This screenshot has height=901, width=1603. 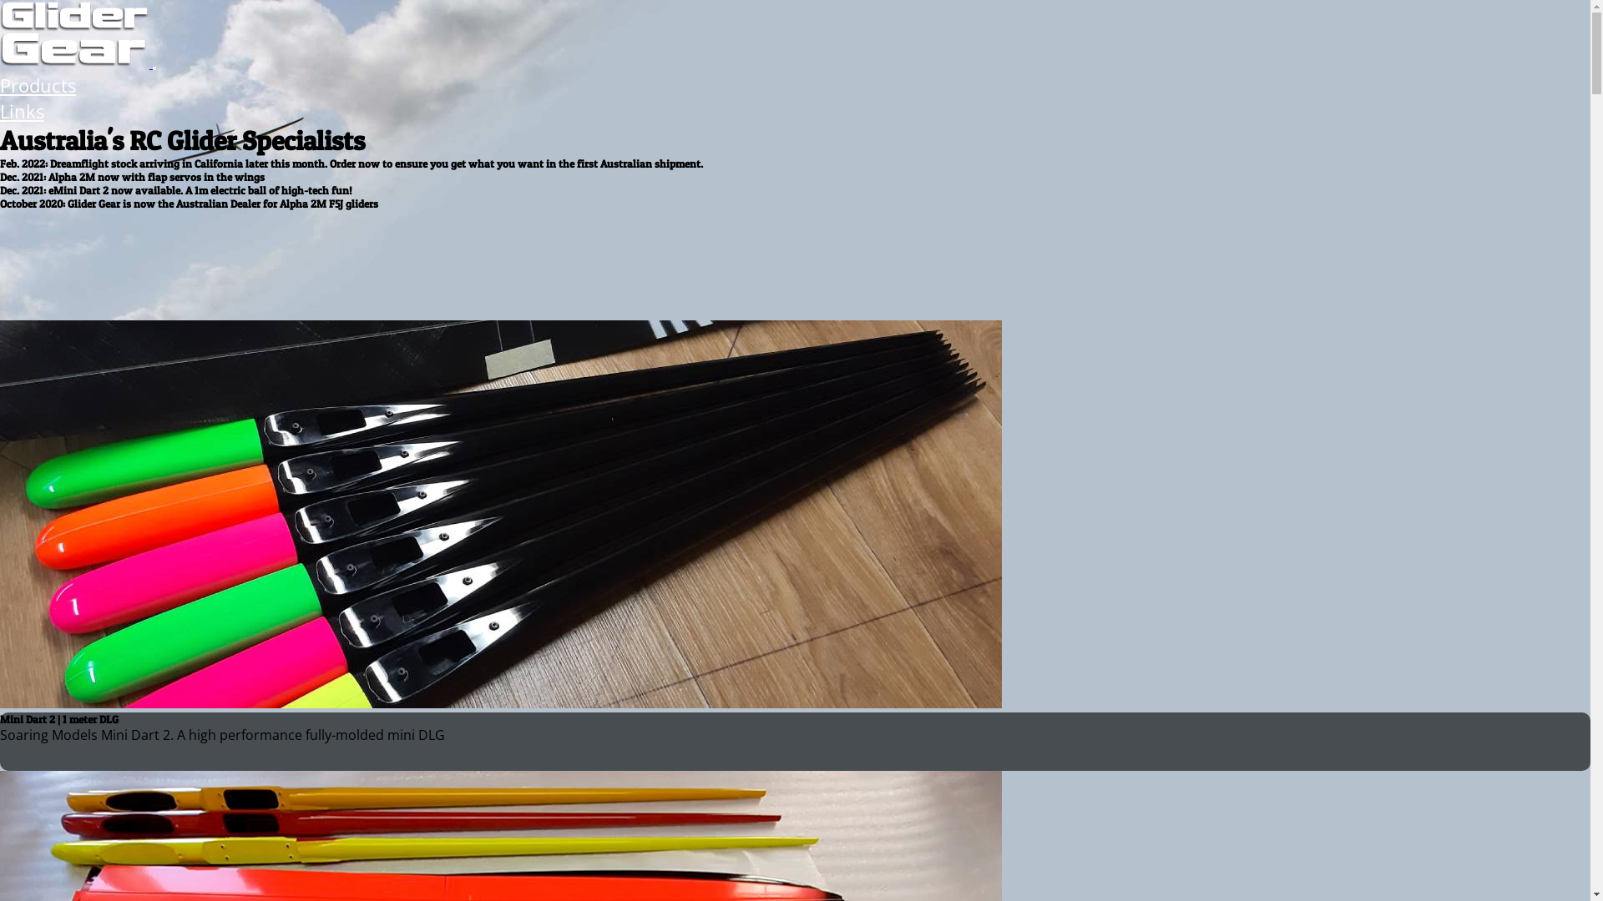 I want to click on 'Links', so click(x=22, y=111).